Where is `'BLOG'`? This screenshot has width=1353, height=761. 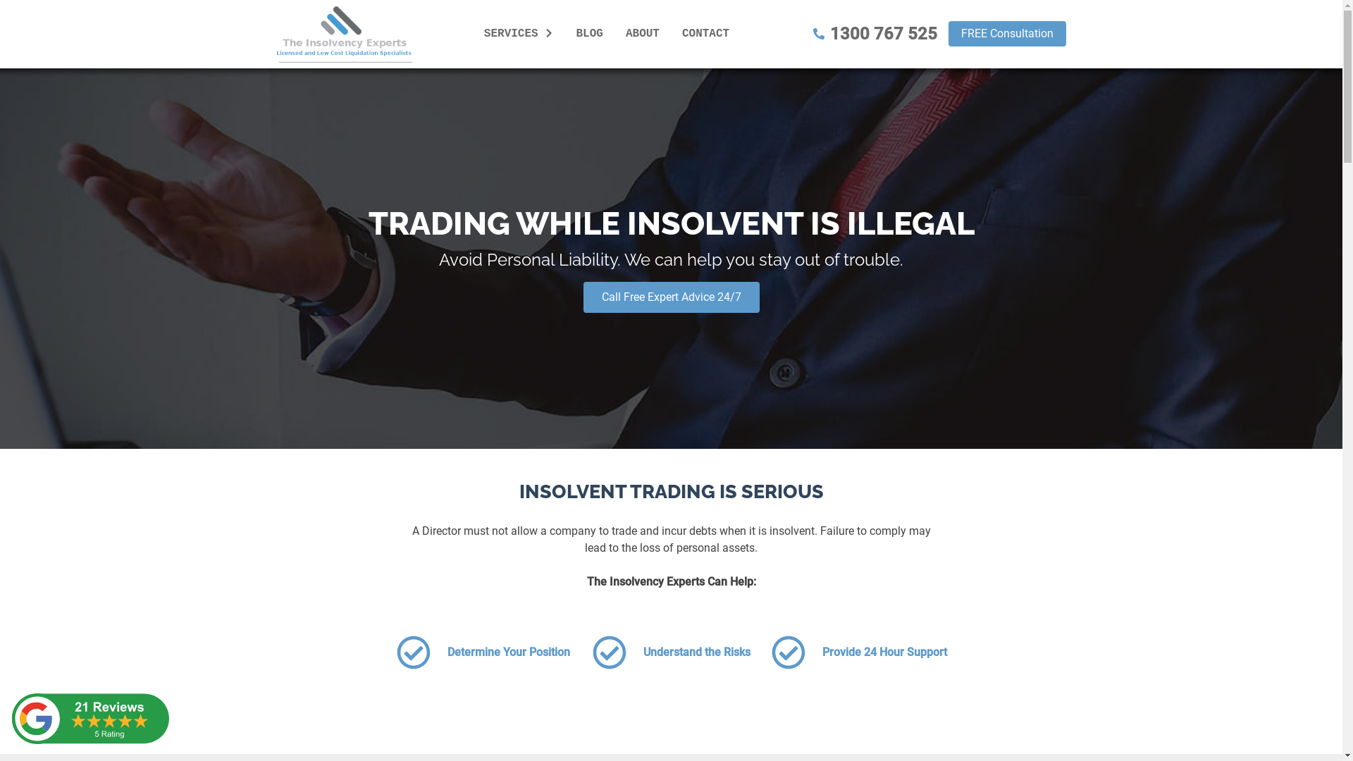 'BLOG' is located at coordinates (589, 32).